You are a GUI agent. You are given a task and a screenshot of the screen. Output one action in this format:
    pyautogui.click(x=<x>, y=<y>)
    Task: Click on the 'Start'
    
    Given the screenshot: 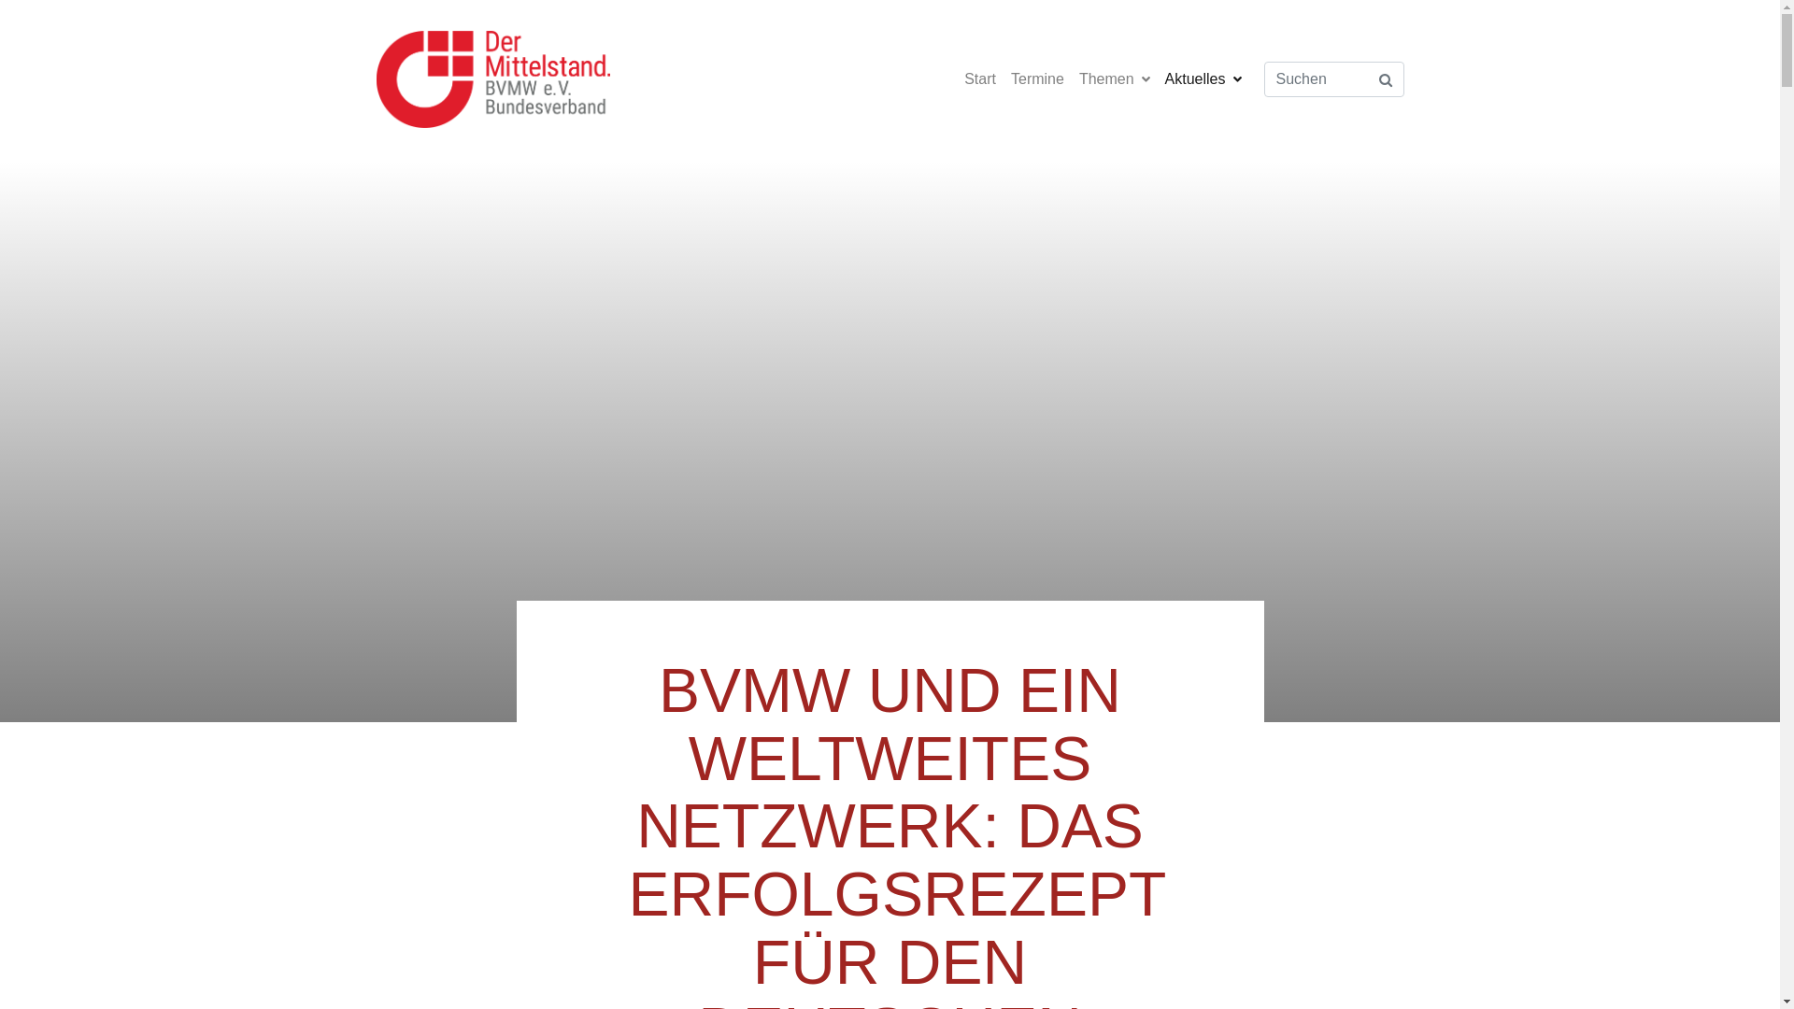 What is the action you would take?
    pyautogui.click(x=979, y=78)
    